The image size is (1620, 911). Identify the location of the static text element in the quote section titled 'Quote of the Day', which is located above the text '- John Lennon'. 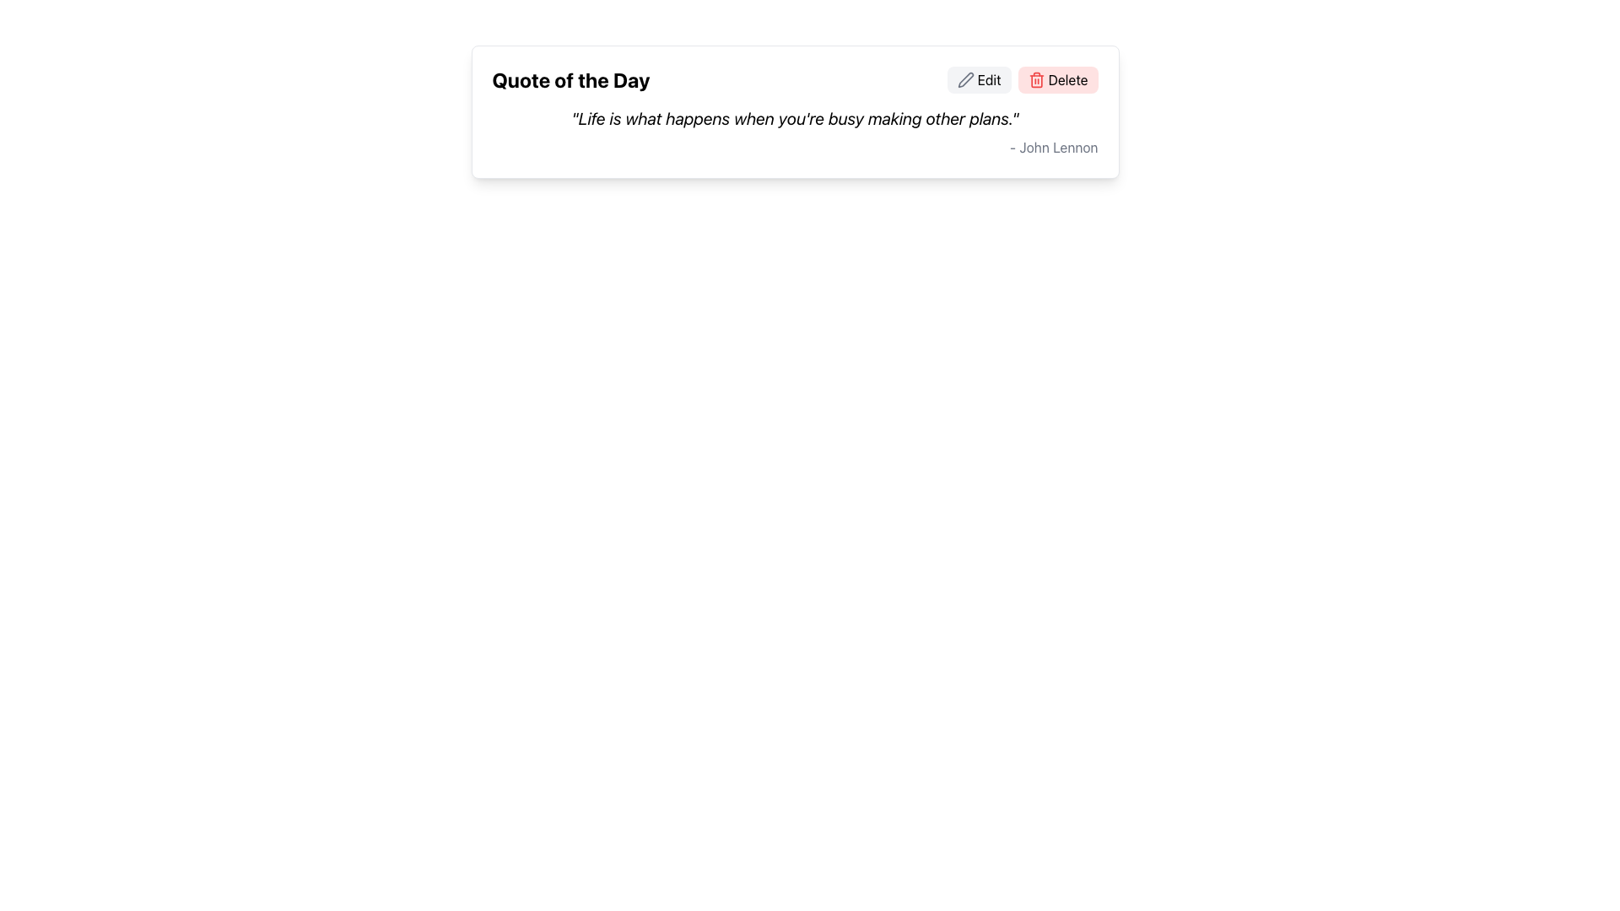
(794, 118).